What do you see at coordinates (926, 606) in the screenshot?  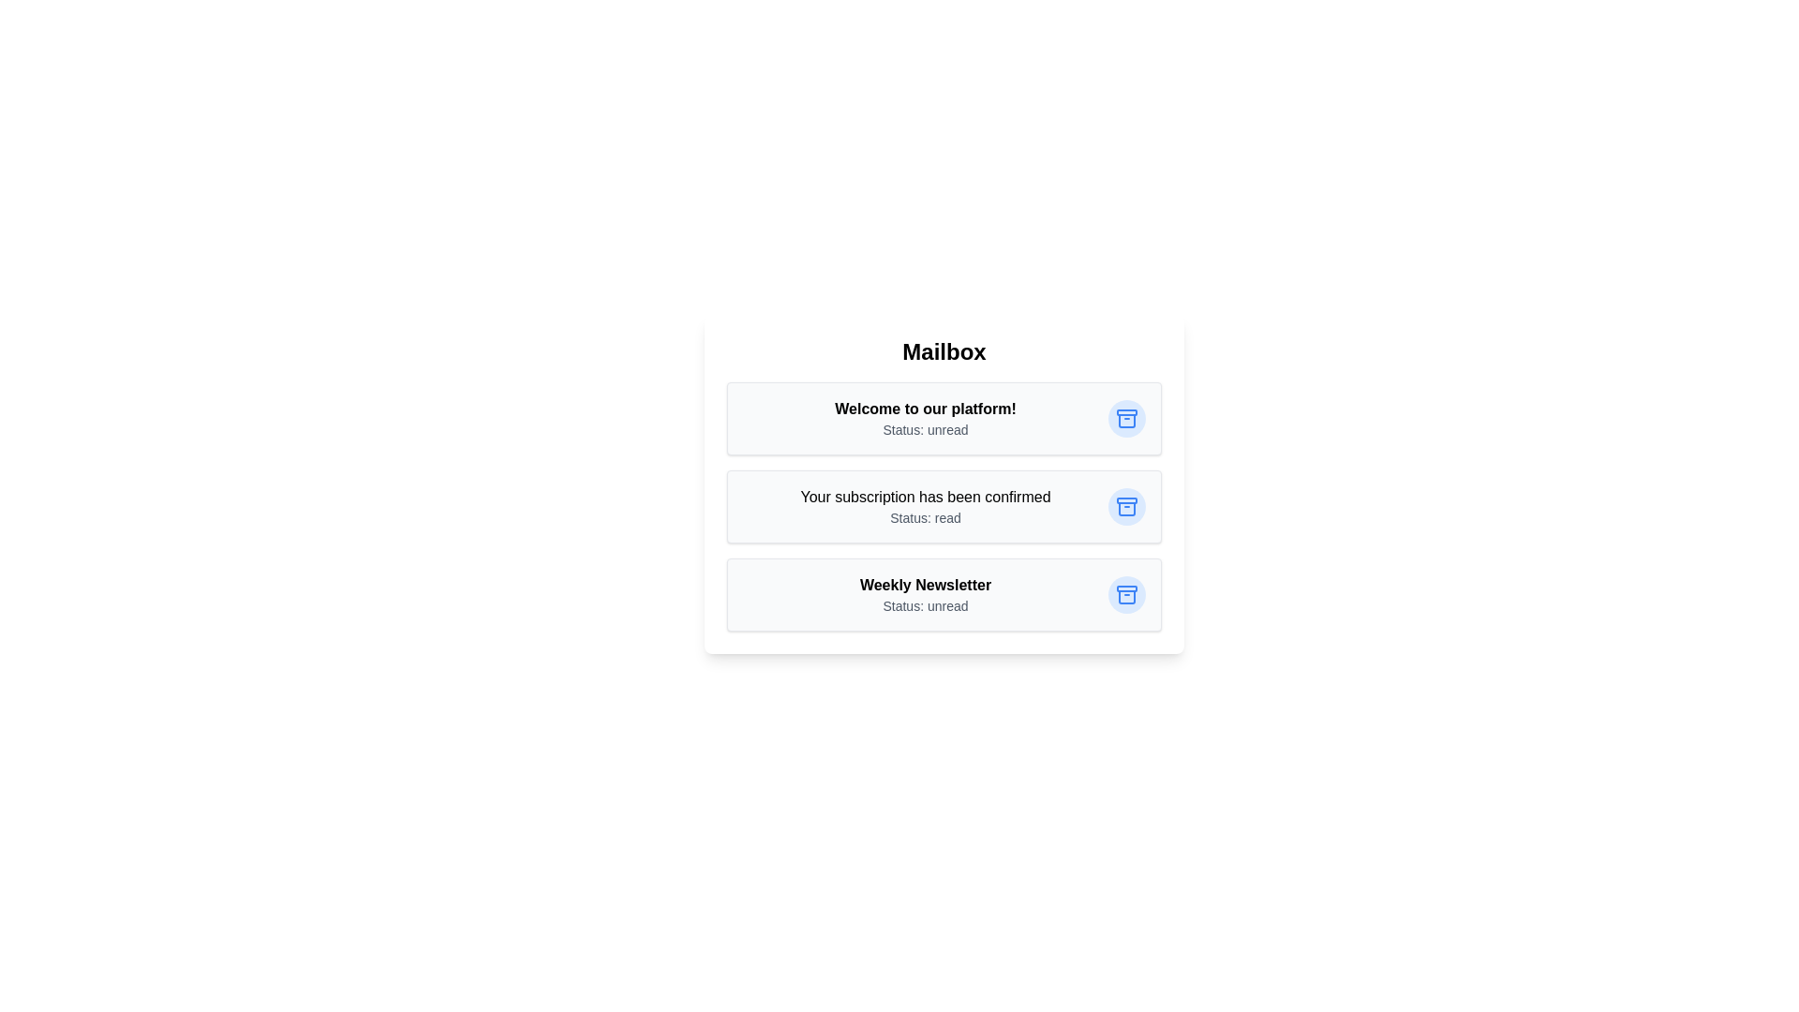 I see `the status text of the email with subject 'Weekly Newsletter'` at bounding box center [926, 606].